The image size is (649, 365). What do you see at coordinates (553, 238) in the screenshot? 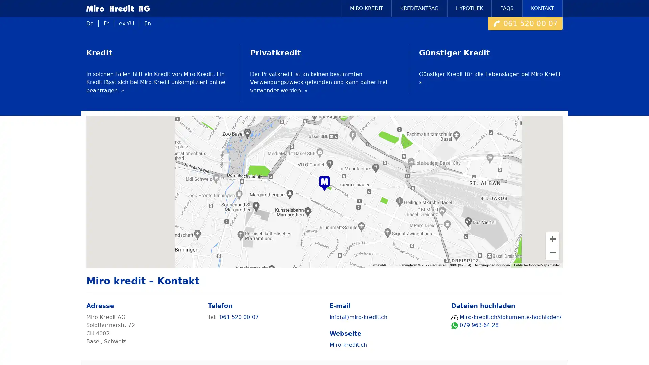
I see `Vergroern` at bounding box center [553, 238].